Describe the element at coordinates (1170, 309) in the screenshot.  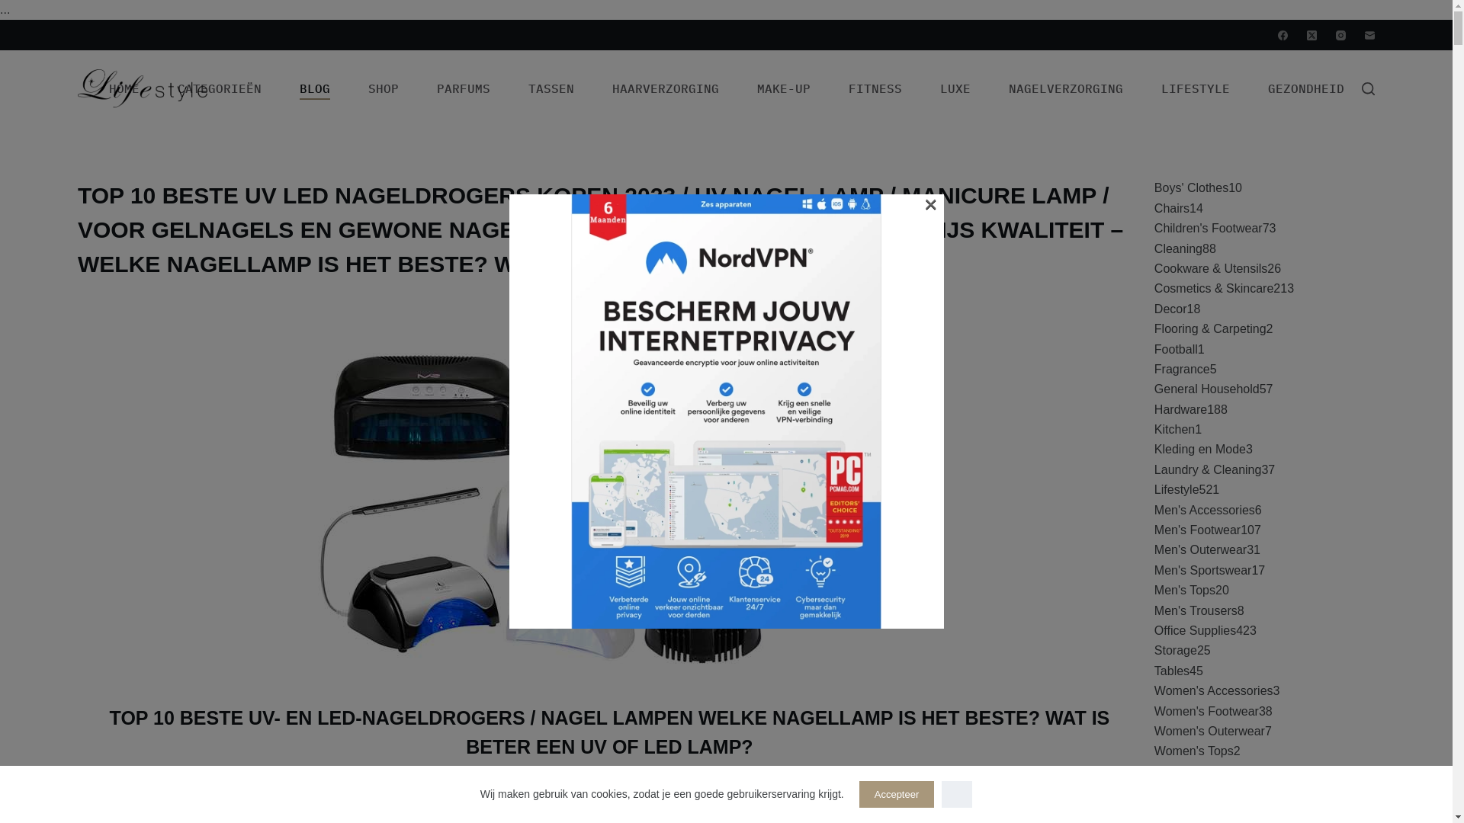
I see `'Decor'` at that location.